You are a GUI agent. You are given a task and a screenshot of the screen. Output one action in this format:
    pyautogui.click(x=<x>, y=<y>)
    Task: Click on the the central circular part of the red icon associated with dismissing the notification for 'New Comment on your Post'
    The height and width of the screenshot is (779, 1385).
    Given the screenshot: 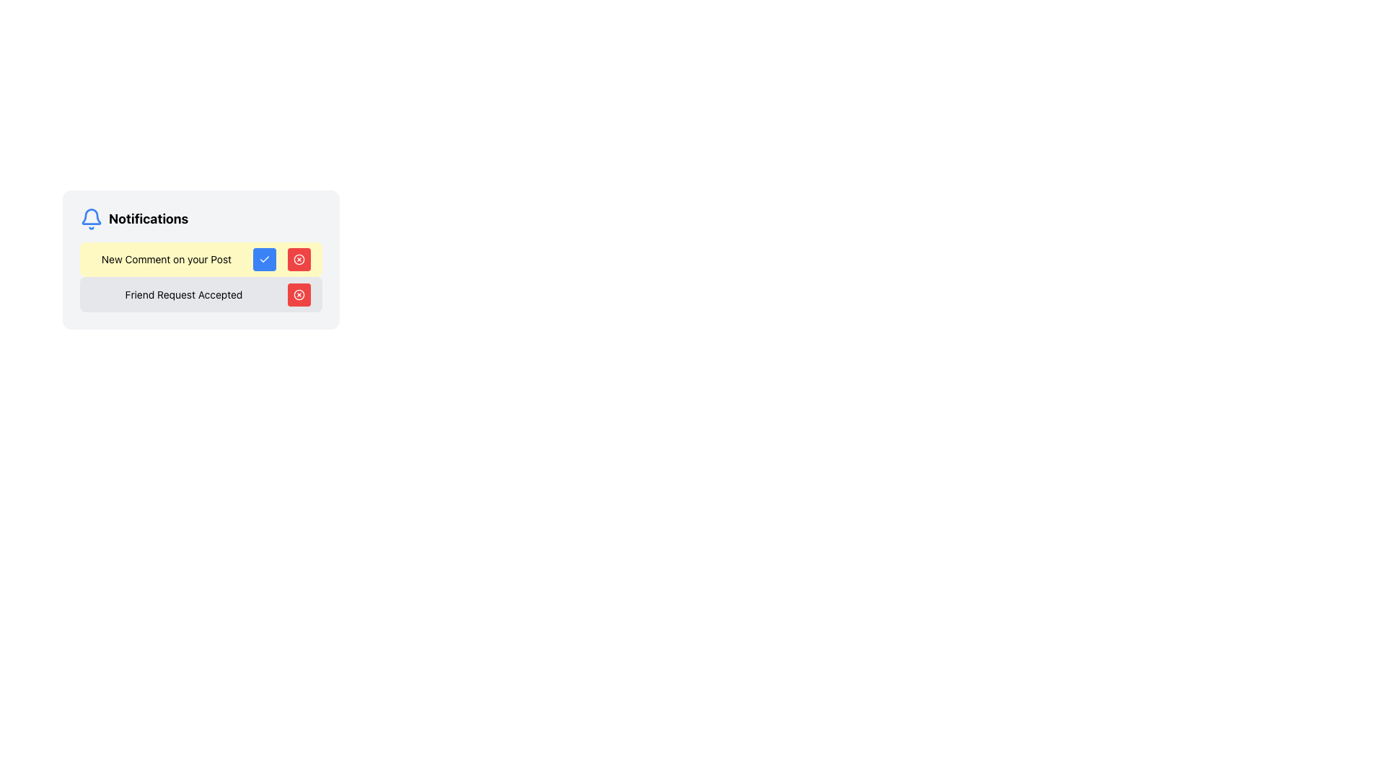 What is the action you would take?
    pyautogui.click(x=298, y=258)
    